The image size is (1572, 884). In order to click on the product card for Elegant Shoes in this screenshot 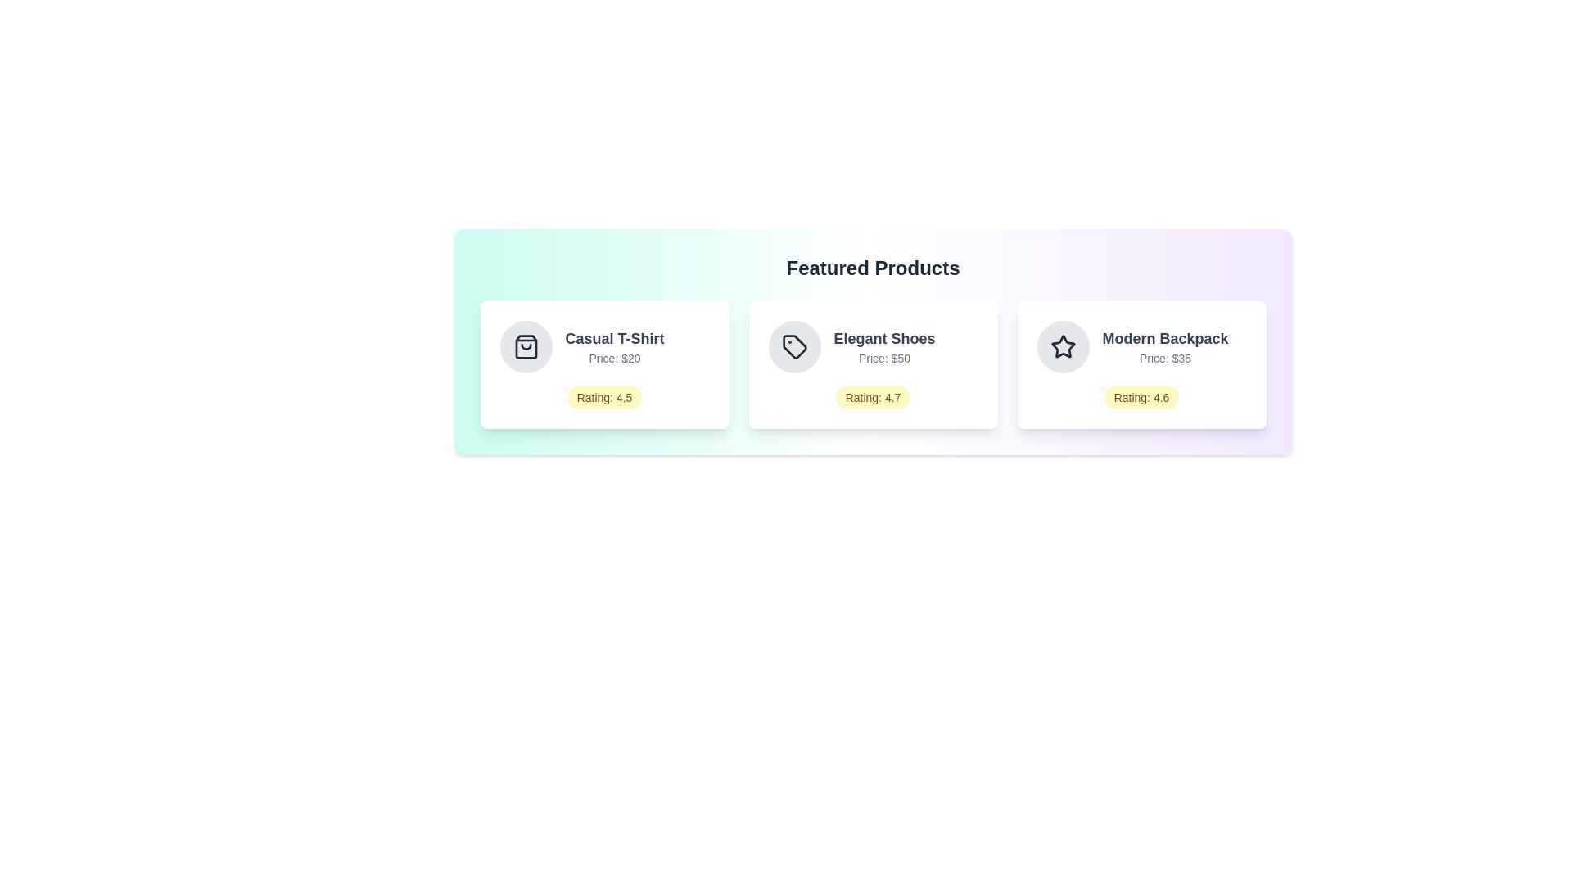, I will do `click(872, 364)`.